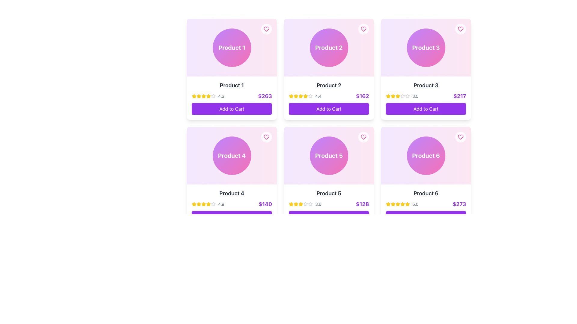 The height and width of the screenshot is (324, 577). What do you see at coordinates (266, 29) in the screenshot?
I see `the heart-shaped icon at the top-right corner of the first card` at bounding box center [266, 29].